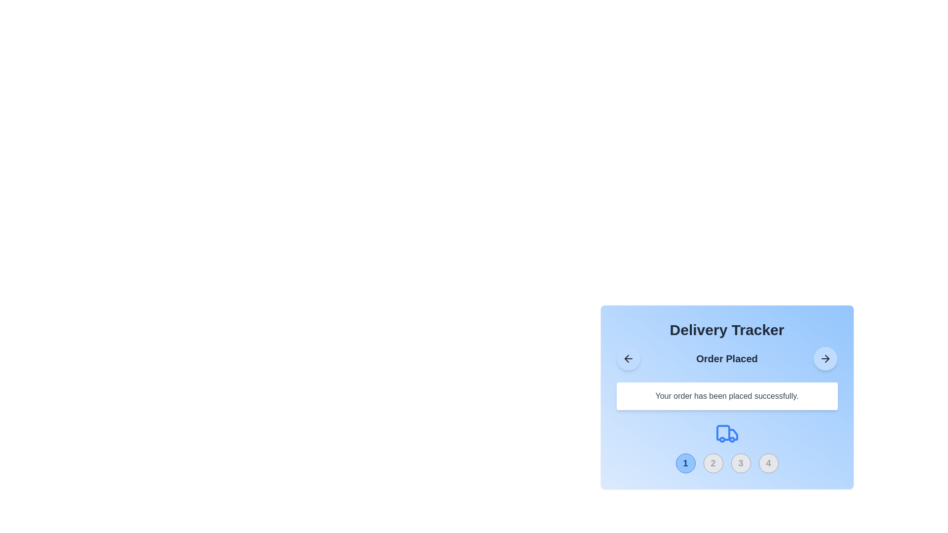 The height and width of the screenshot is (533, 948). What do you see at coordinates (727, 463) in the screenshot?
I see `the segmented progress tracker element located at the bottom center of the 'Delivery Tracker' card` at bounding box center [727, 463].